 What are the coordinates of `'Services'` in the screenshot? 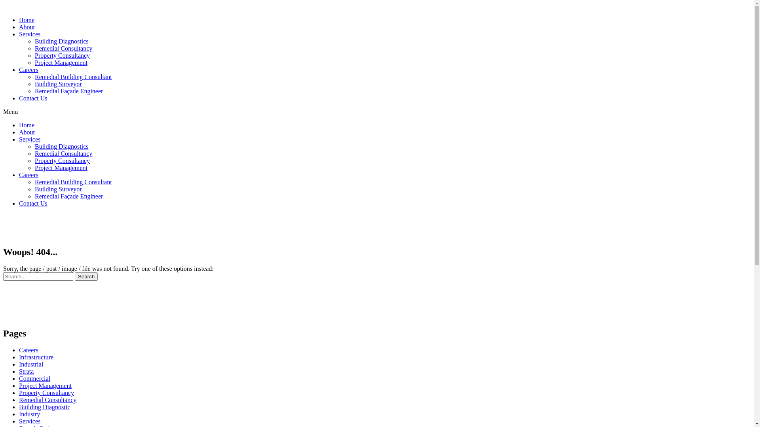 It's located at (30, 421).